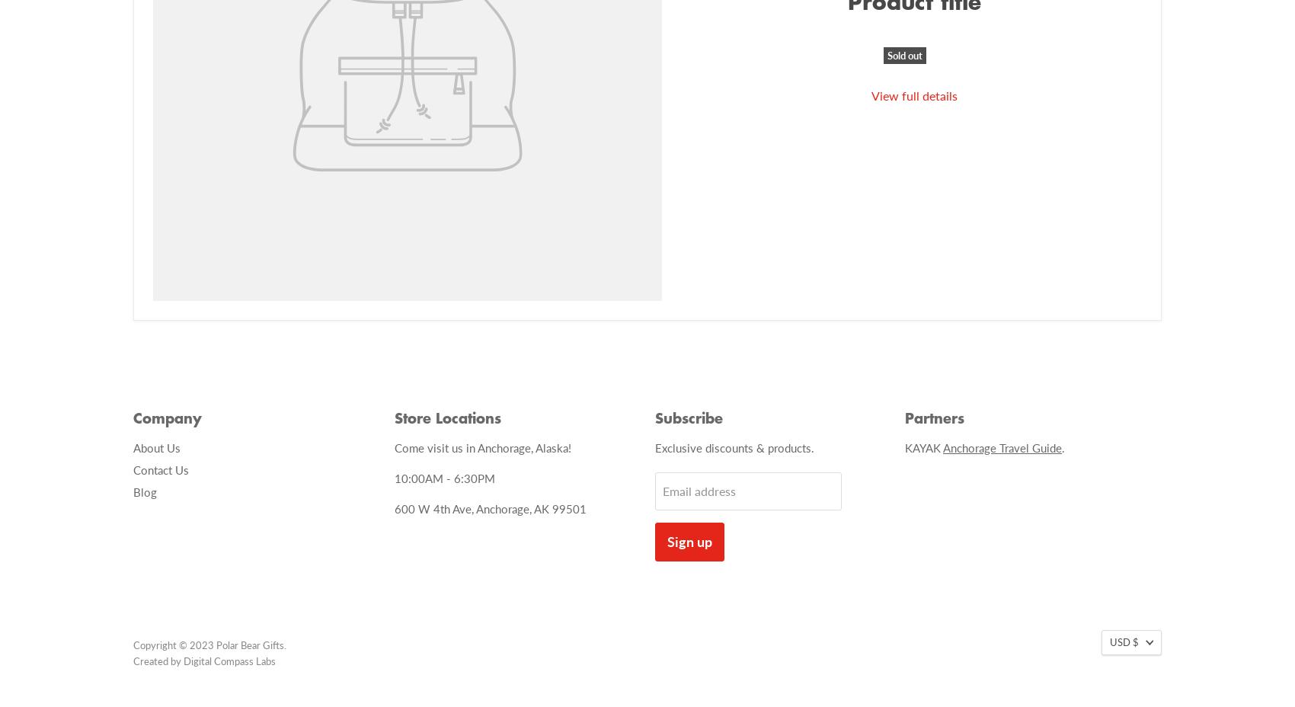  What do you see at coordinates (393, 446) in the screenshot?
I see `'Come visit us in Anchorage, Alaska!'` at bounding box center [393, 446].